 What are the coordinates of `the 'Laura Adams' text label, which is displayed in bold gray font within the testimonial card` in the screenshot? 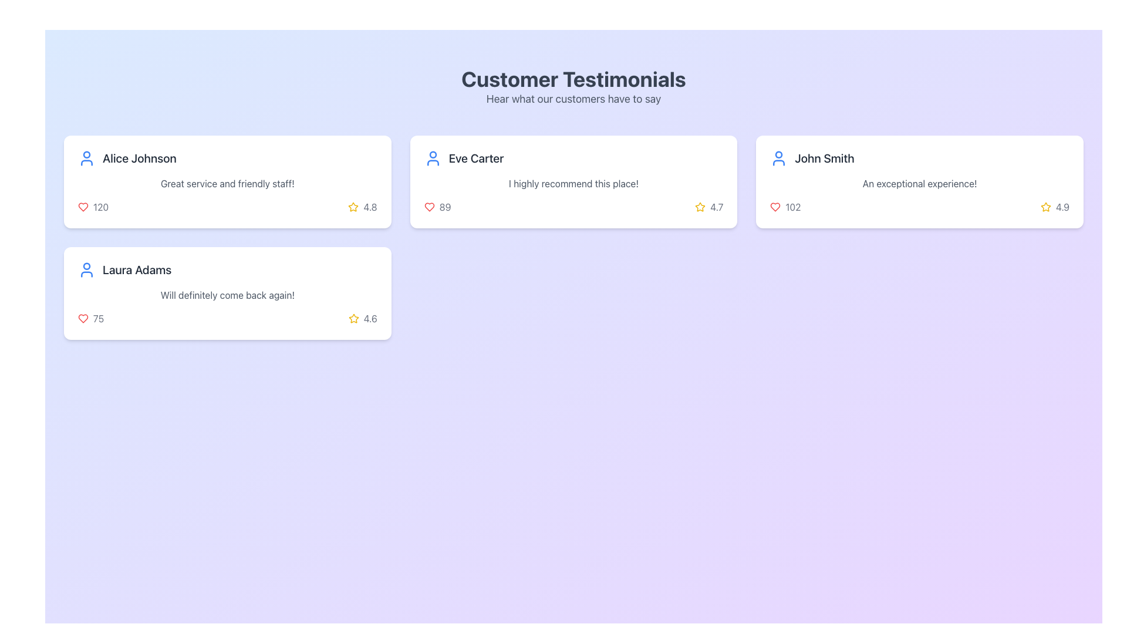 It's located at (137, 269).